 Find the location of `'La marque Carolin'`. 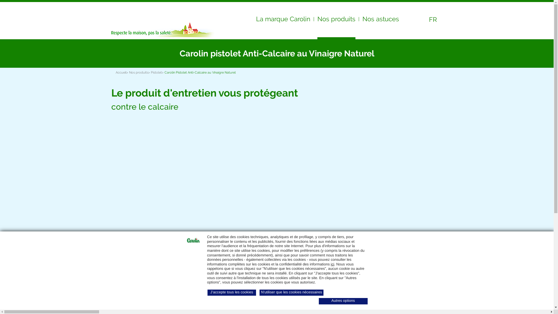

'La marque Carolin' is located at coordinates (283, 20).